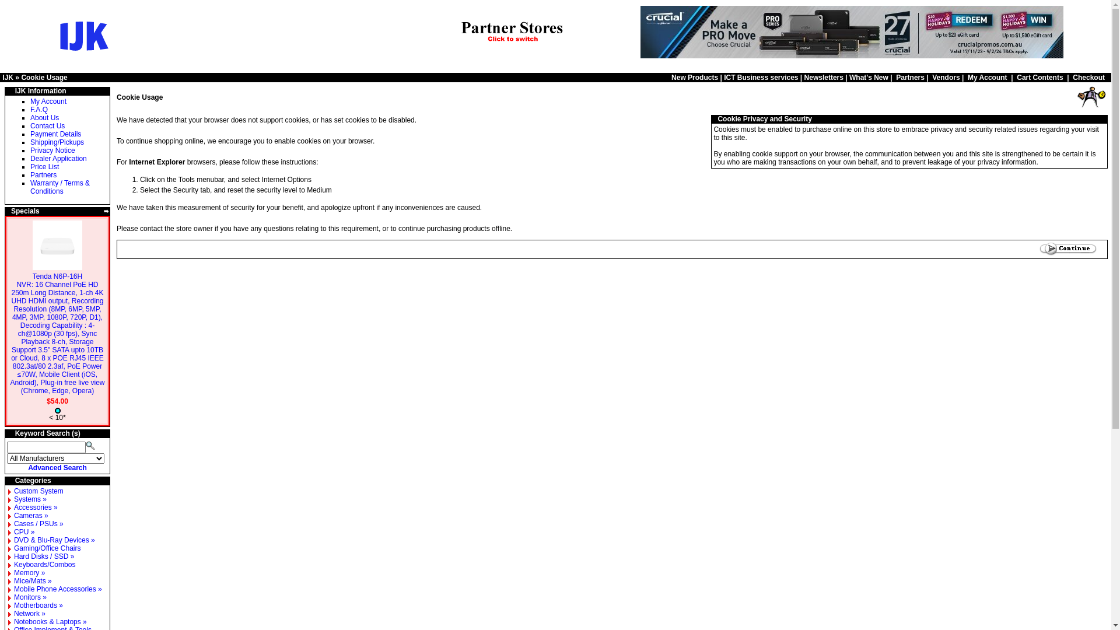 This screenshot has width=1120, height=630. What do you see at coordinates (1088, 77) in the screenshot?
I see `'Checkout'` at bounding box center [1088, 77].